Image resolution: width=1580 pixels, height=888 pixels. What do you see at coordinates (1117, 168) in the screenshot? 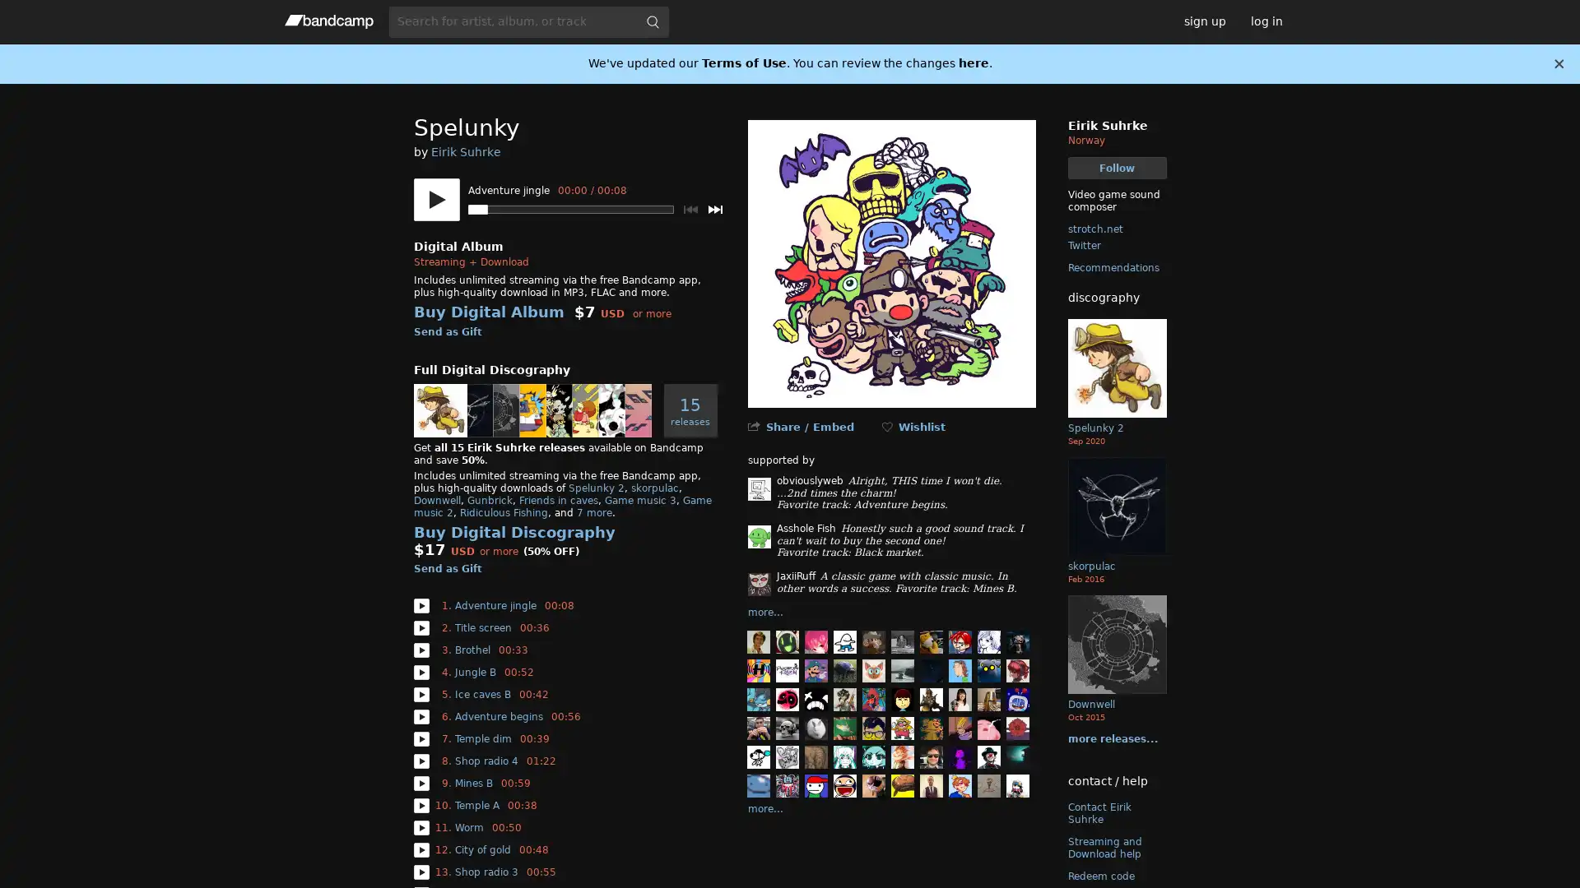
I see `Follow` at bounding box center [1117, 168].